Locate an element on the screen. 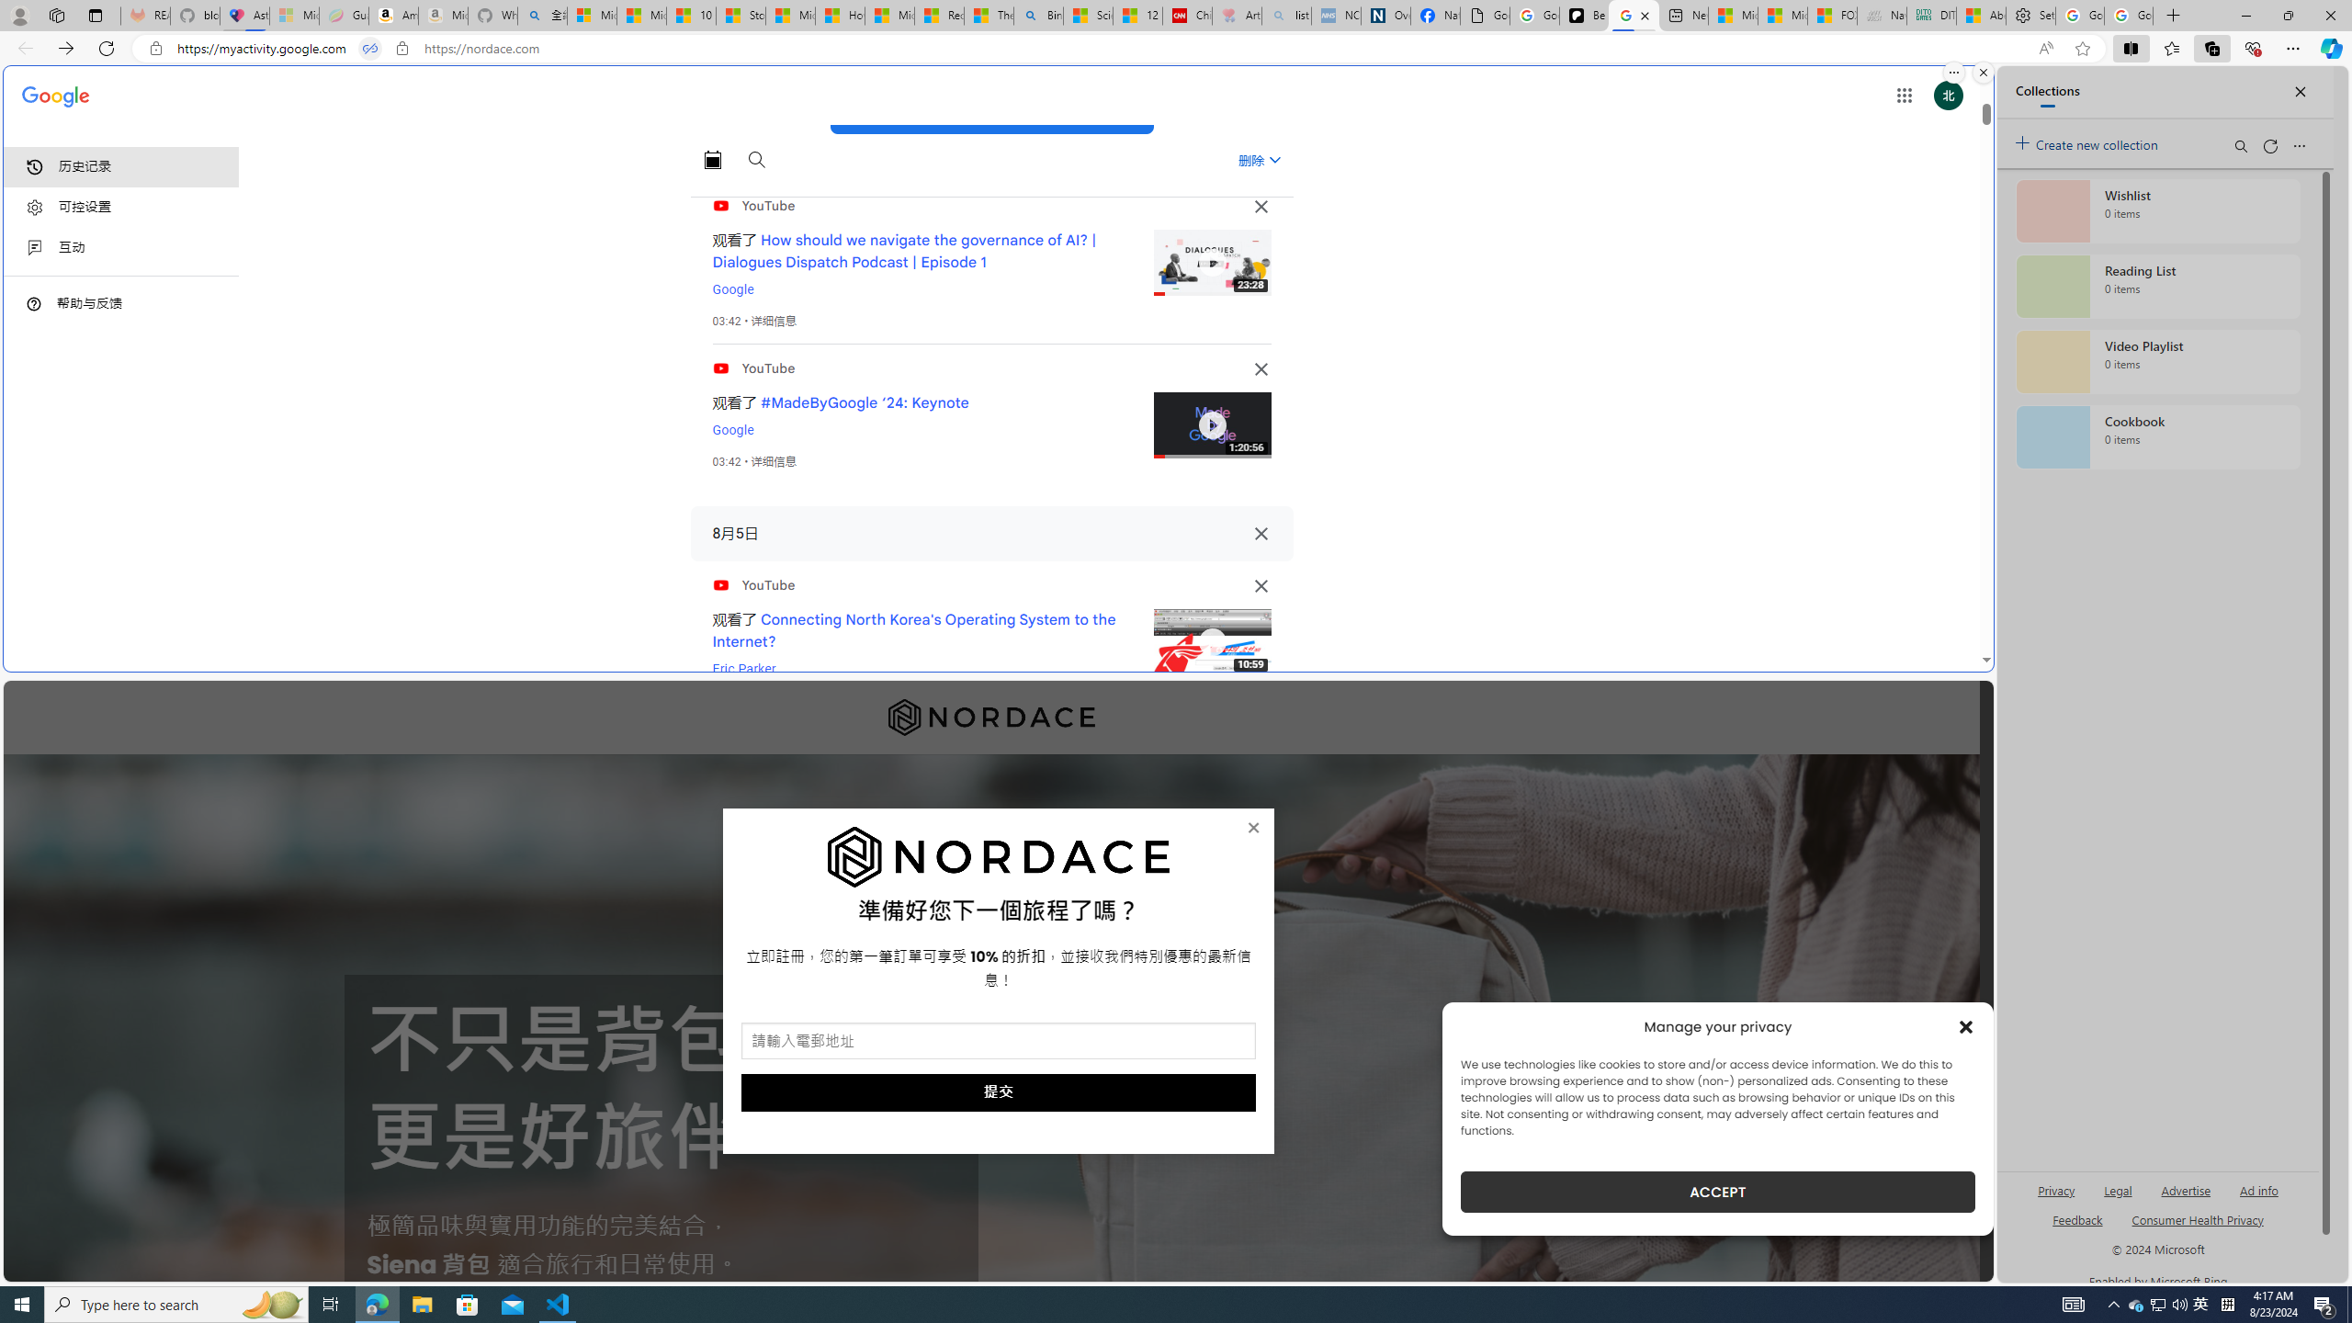 Image resolution: width=2352 pixels, height=1323 pixels. 'Be Smart | creating Science videos | Patreon' is located at coordinates (1584, 15).